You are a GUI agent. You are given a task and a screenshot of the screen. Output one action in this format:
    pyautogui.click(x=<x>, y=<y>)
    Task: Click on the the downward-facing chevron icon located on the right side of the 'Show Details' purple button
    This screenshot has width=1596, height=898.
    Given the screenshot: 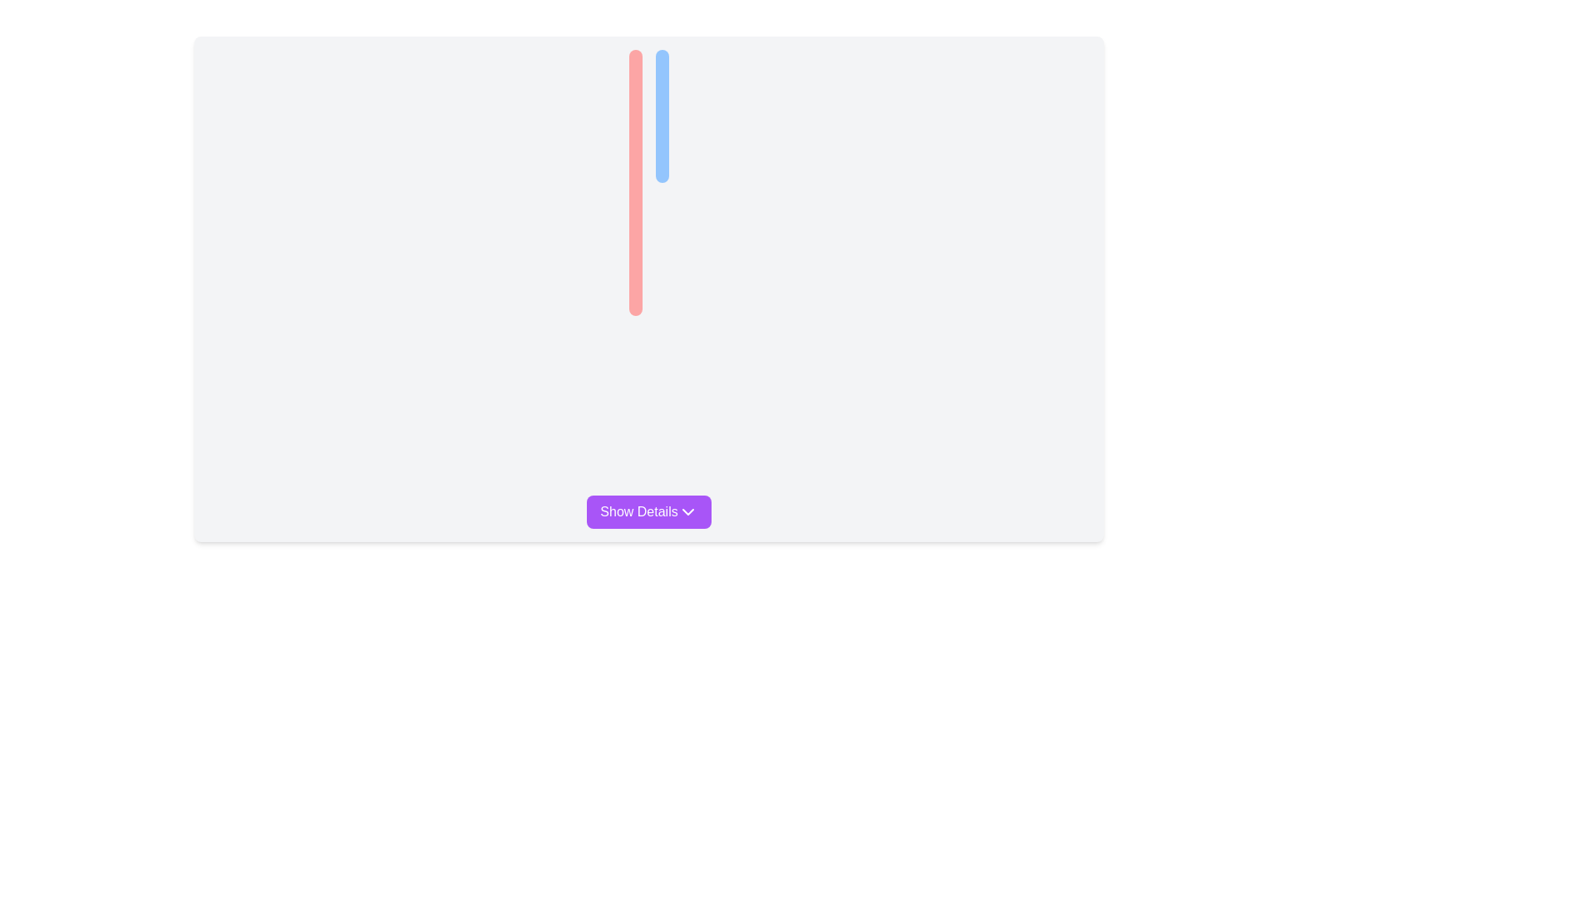 What is the action you would take?
    pyautogui.click(x=687, y=511)
    